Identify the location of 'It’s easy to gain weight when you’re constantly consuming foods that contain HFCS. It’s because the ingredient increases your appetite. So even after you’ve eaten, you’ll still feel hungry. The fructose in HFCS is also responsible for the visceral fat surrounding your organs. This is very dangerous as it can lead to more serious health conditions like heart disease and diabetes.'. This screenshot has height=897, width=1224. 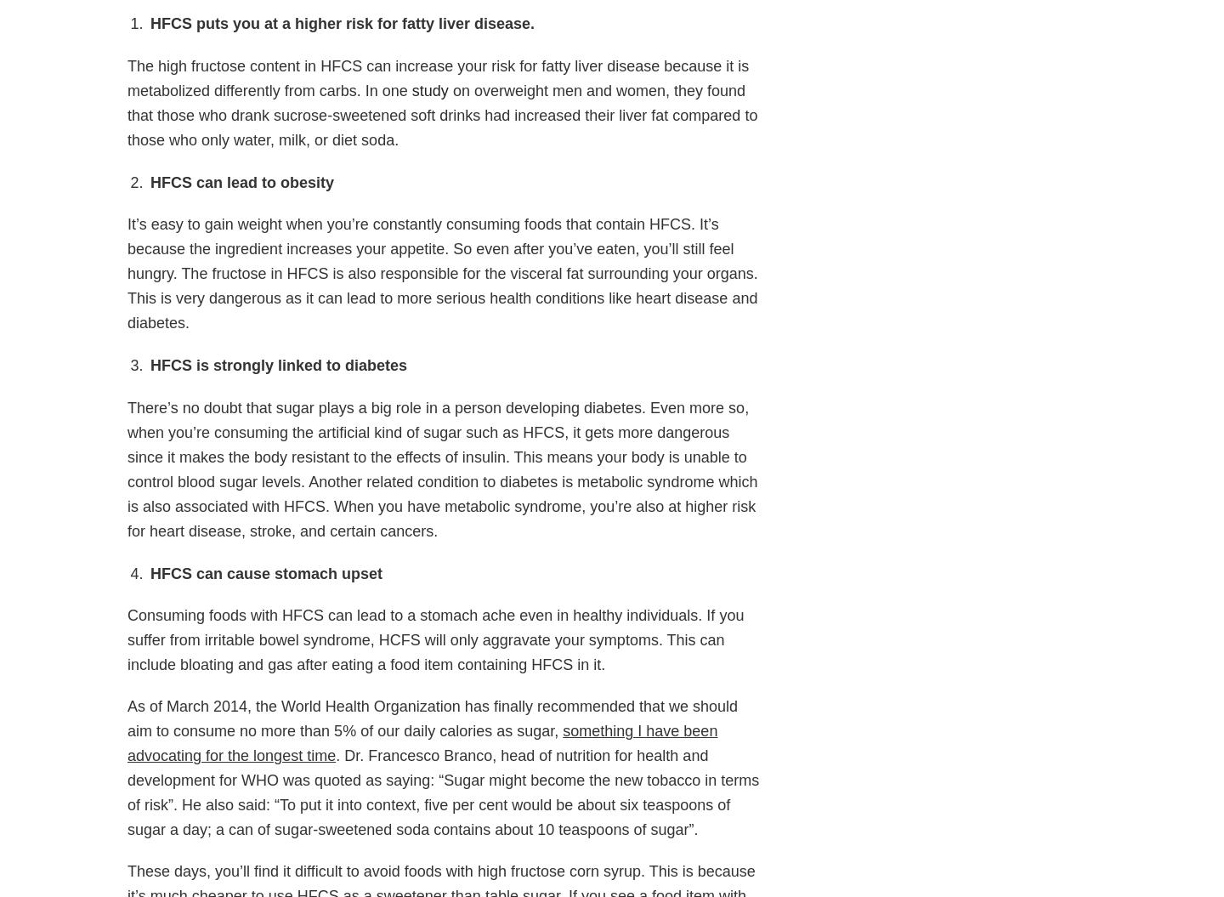
(441, 272).